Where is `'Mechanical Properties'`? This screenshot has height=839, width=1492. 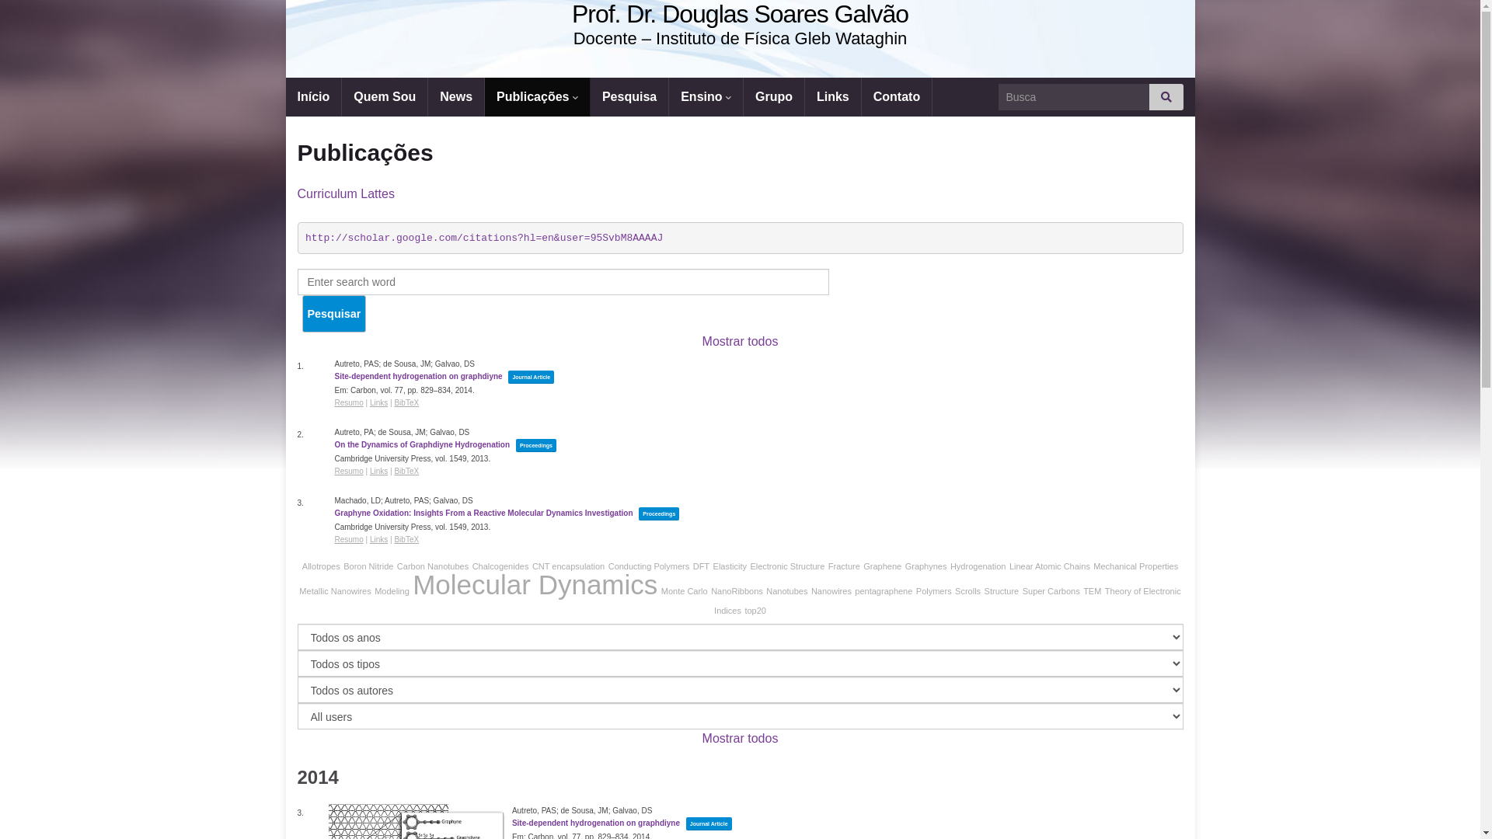 'Mechanical Properties' is located at coordinates (1135, 566).